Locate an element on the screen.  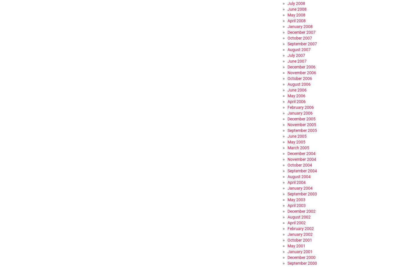
'October 2001' is located at coordinates (300, 240).